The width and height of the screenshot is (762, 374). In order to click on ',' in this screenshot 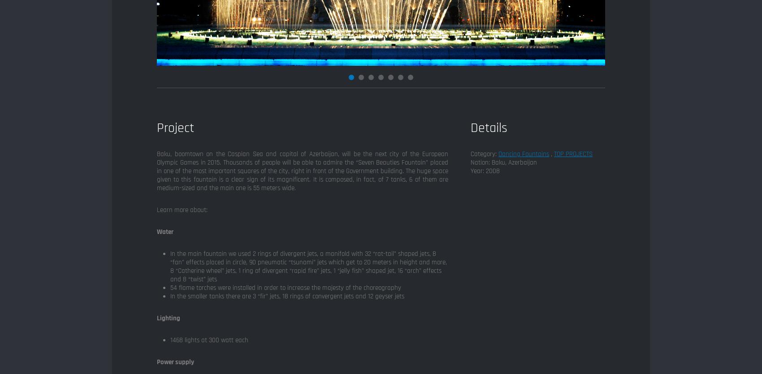, I will do `click(551, 153)`.